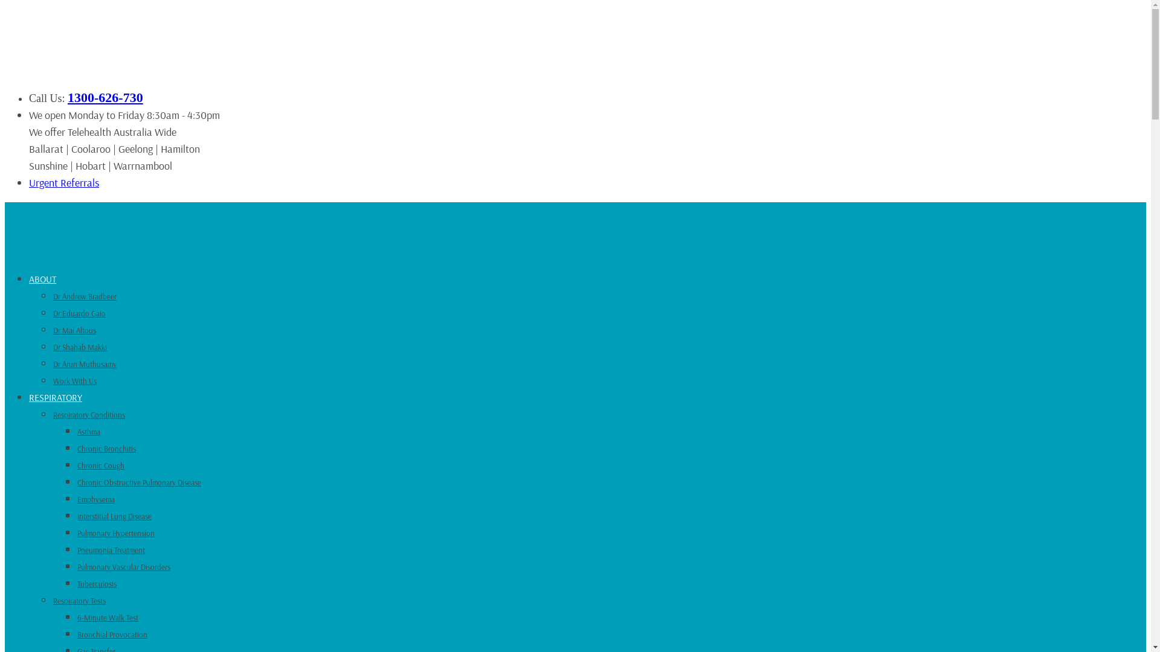 The image size is (1160, 652). What do you see at coordinates (74, 330) in the screenshot?
I see `'Dr Mai Altous'` at bounding box center [74, 330].